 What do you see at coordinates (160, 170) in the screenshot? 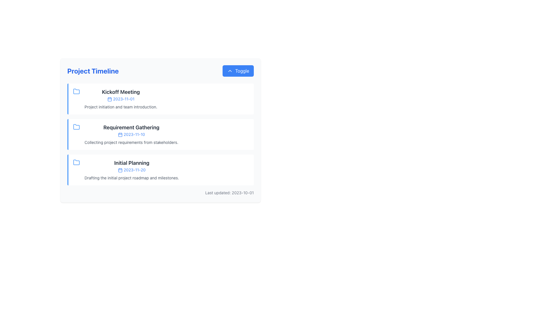
I see `the third information card in the Project Timeline section that summarizes the project phase, as it links to detailed content` at bounding box center [160, 170].